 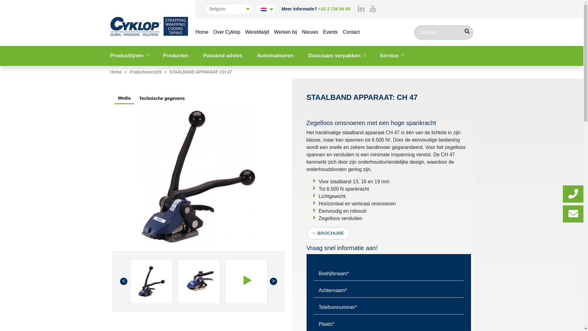 What do you see at coordinates (226, 32) in the screenshot?
I see `'Over Cyklop'` at bounding box center [226, 32].